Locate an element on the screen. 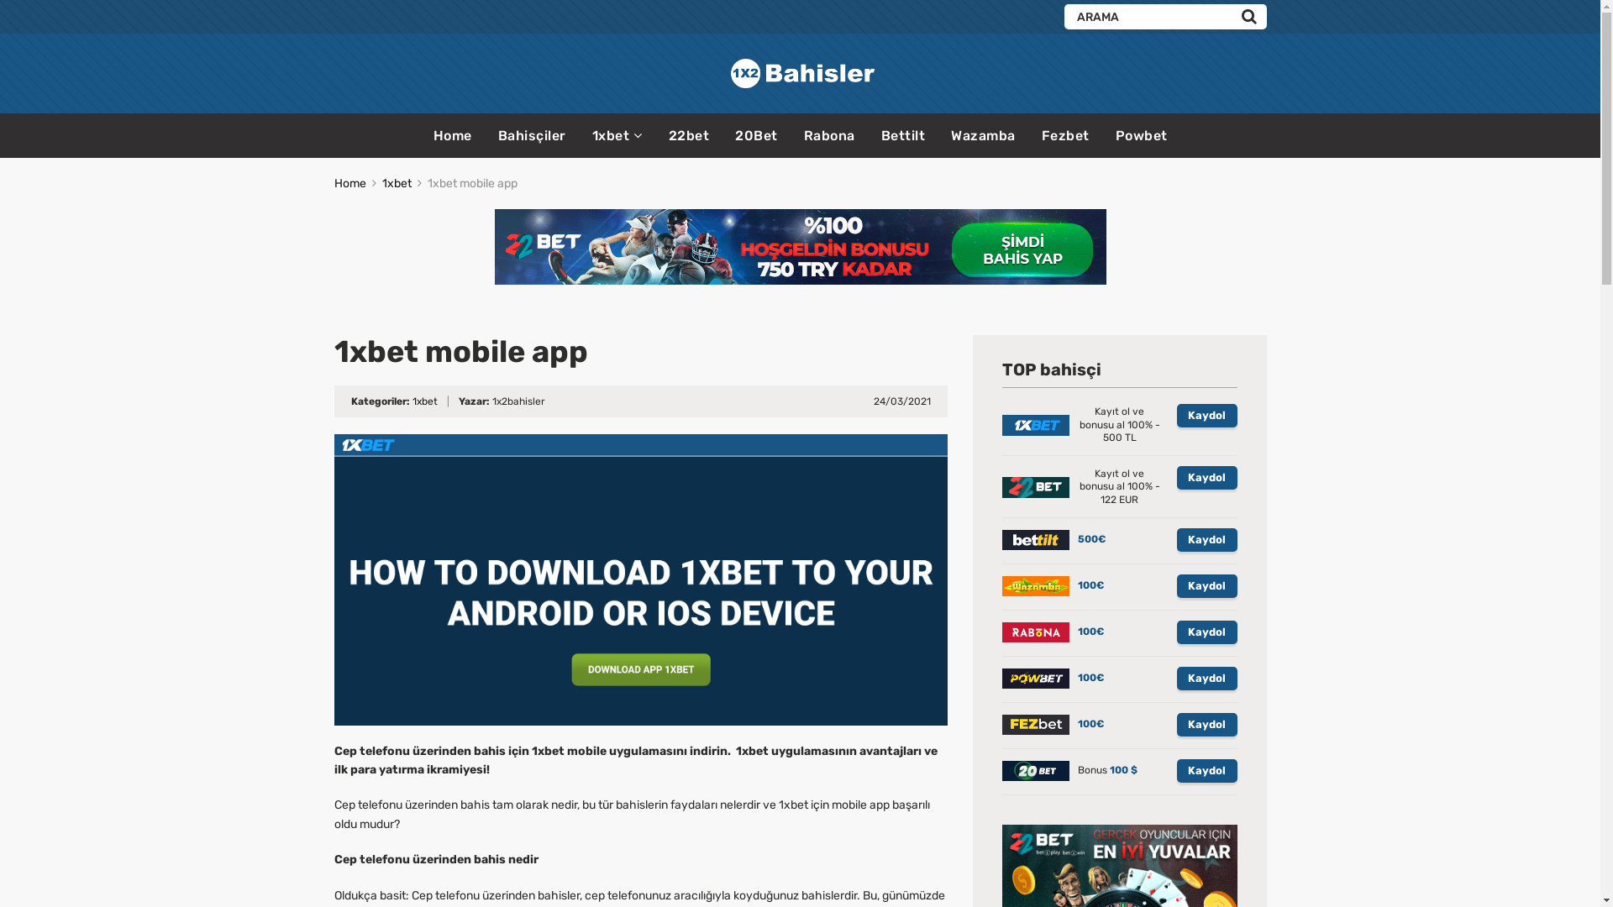  'Kaydol' is located at coordinates (1205, 540).